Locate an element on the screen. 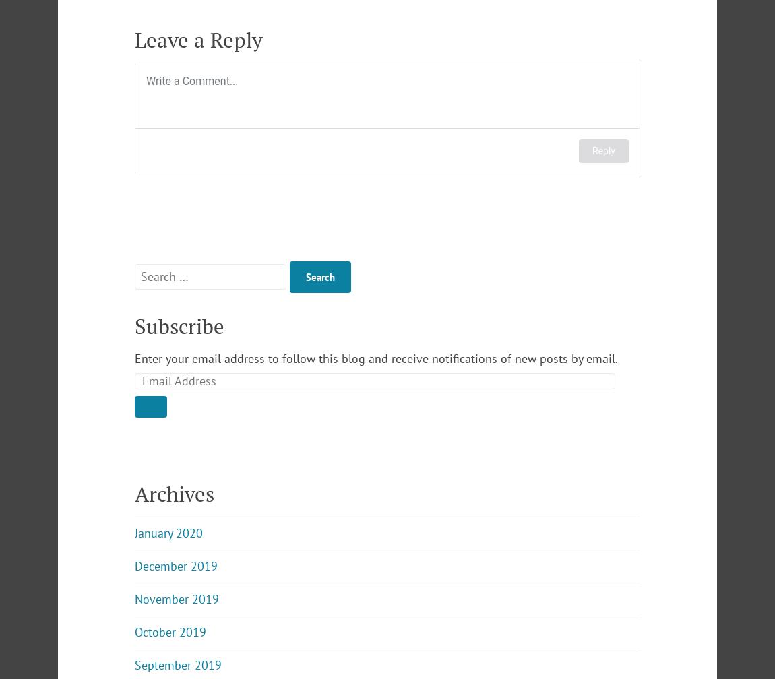  'Enter your email address to follow this blog and receive notifications of new posts by email.' is located at coordinates (376, 358).